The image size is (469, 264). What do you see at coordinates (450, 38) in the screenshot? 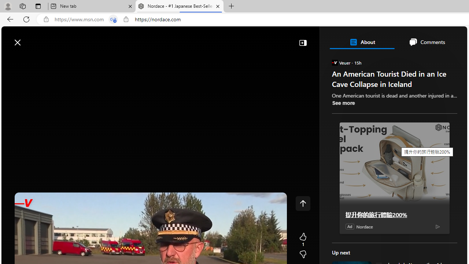
I see `'Open settings'` at bounding box center [450, 38].